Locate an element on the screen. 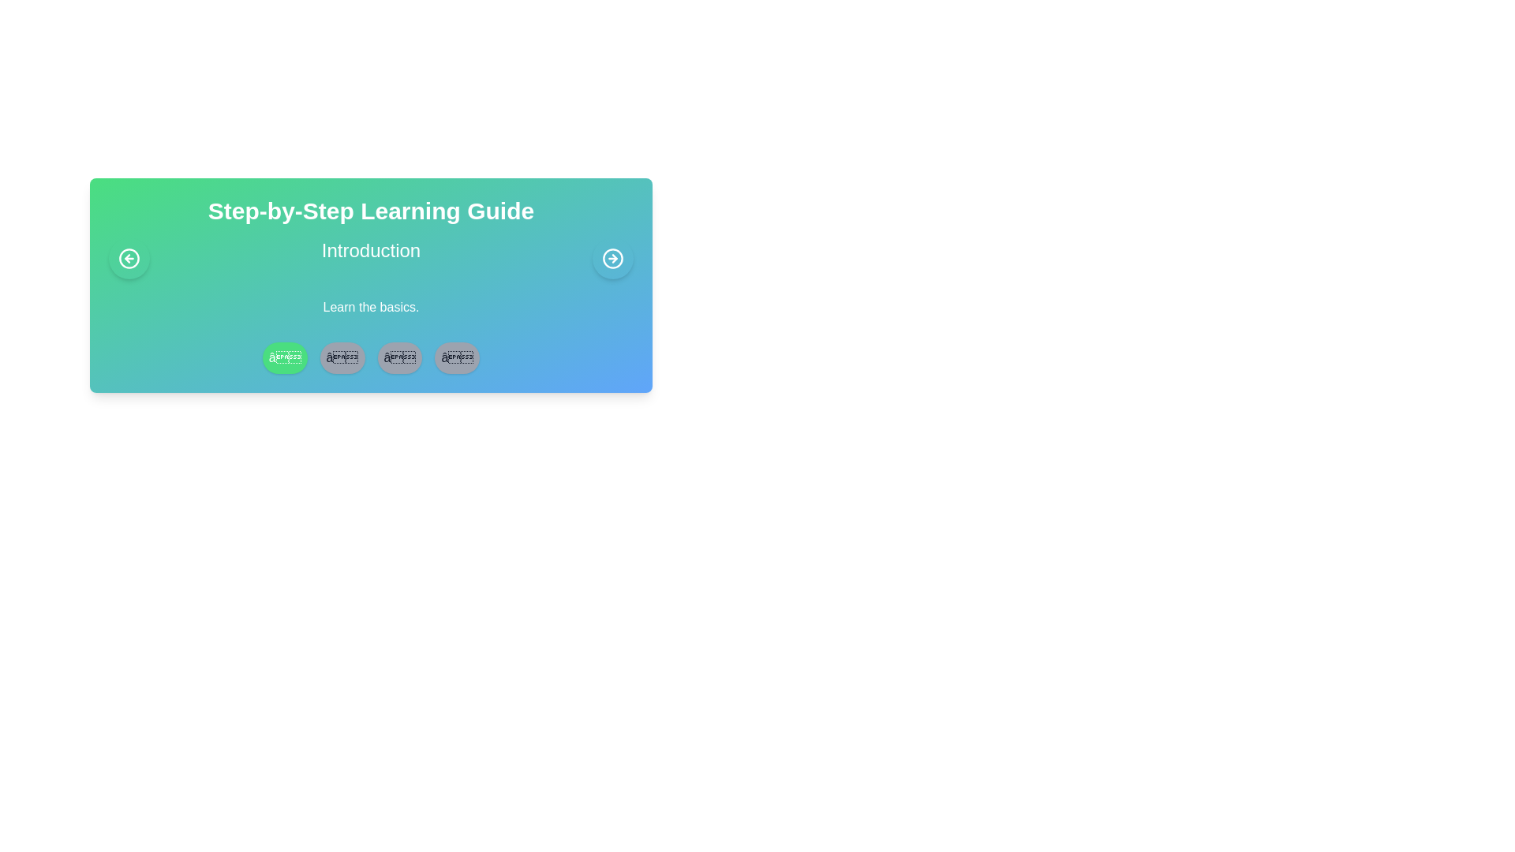 The image size is (1515, 852). the prominent heading element displaying 'Step-by-Step Learning Guide' in a large, bold font, which is centered within a gradient background transitioning from green to blue is located at coordinates (370, 210).